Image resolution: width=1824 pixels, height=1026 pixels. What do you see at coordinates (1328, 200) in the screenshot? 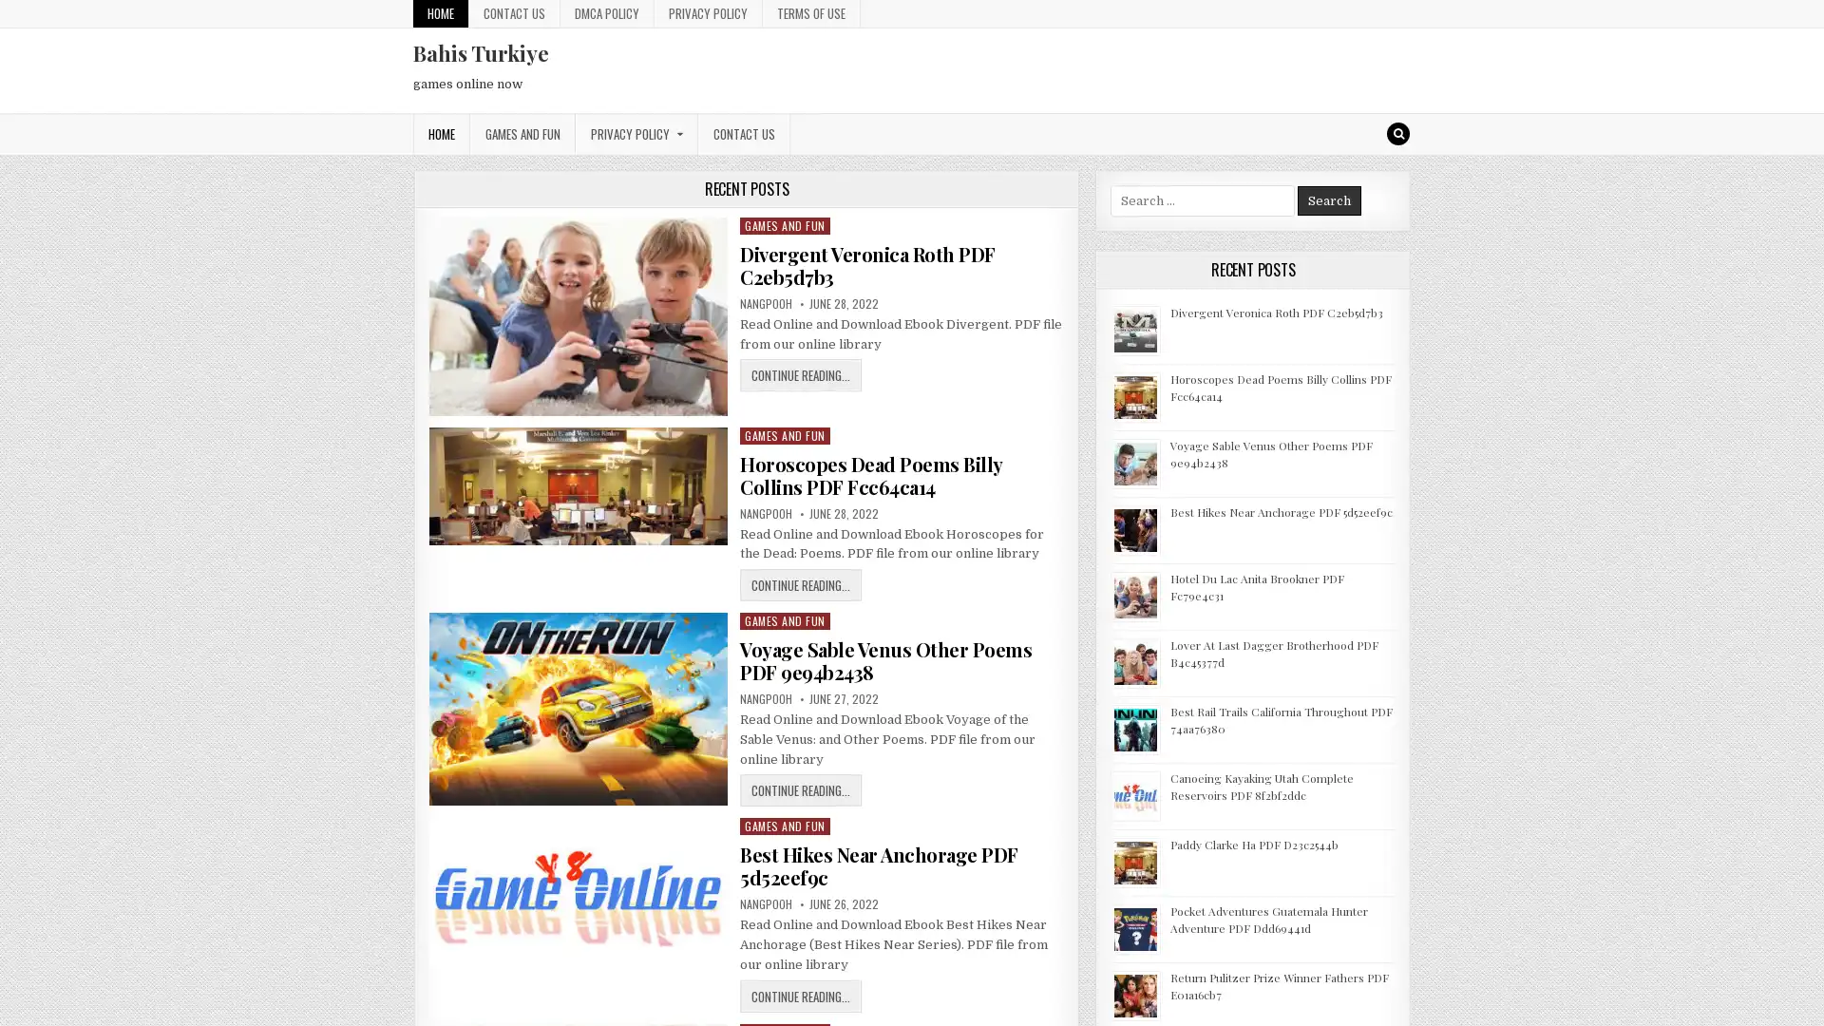
I see `Search` at bounding box center [1328, 200].